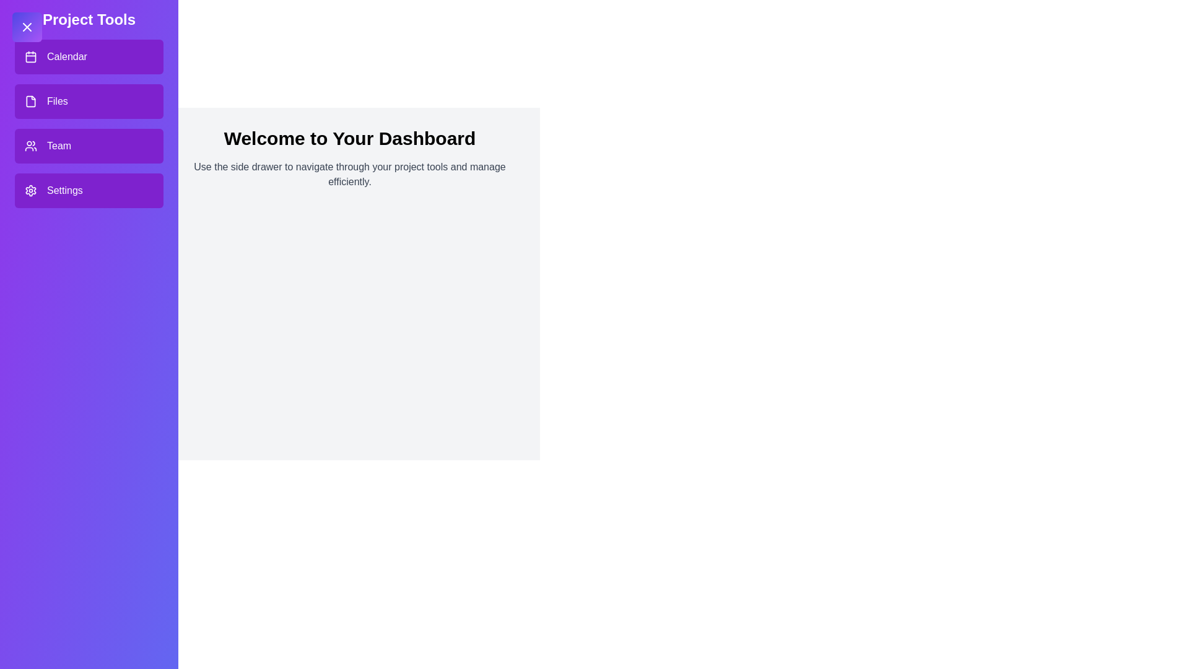 The height and width of the screenshot is (669, 1189). What do you see at coordinates (27, 27) in the screenshot?
I see `toggle button at the top-left corner to toggle the drawer visibility` at bounding box center [27, 27].